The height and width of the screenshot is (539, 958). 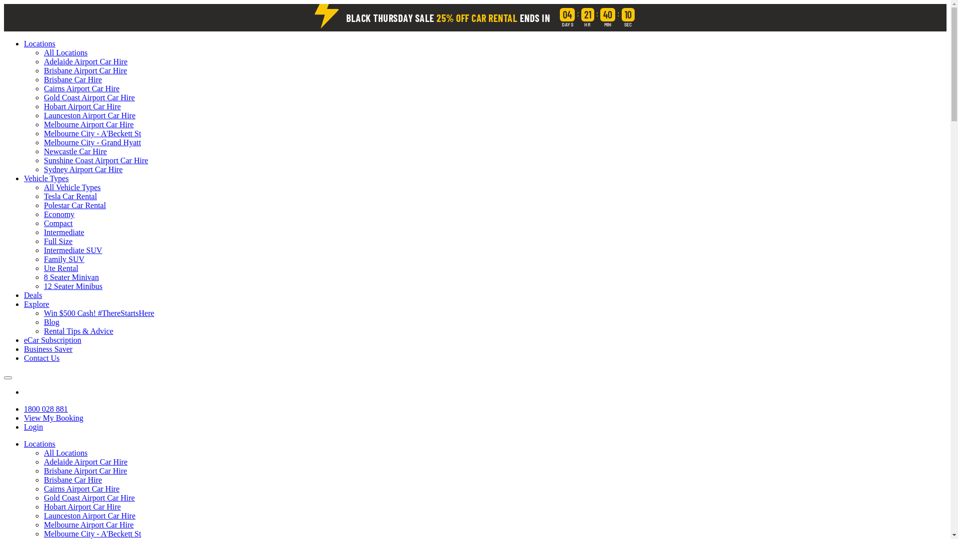 What do you see at coordinates (89, 97) in the screenshot?
I see `'Gold Coast Airport Car Hire'` at bounding box center [89, 97].